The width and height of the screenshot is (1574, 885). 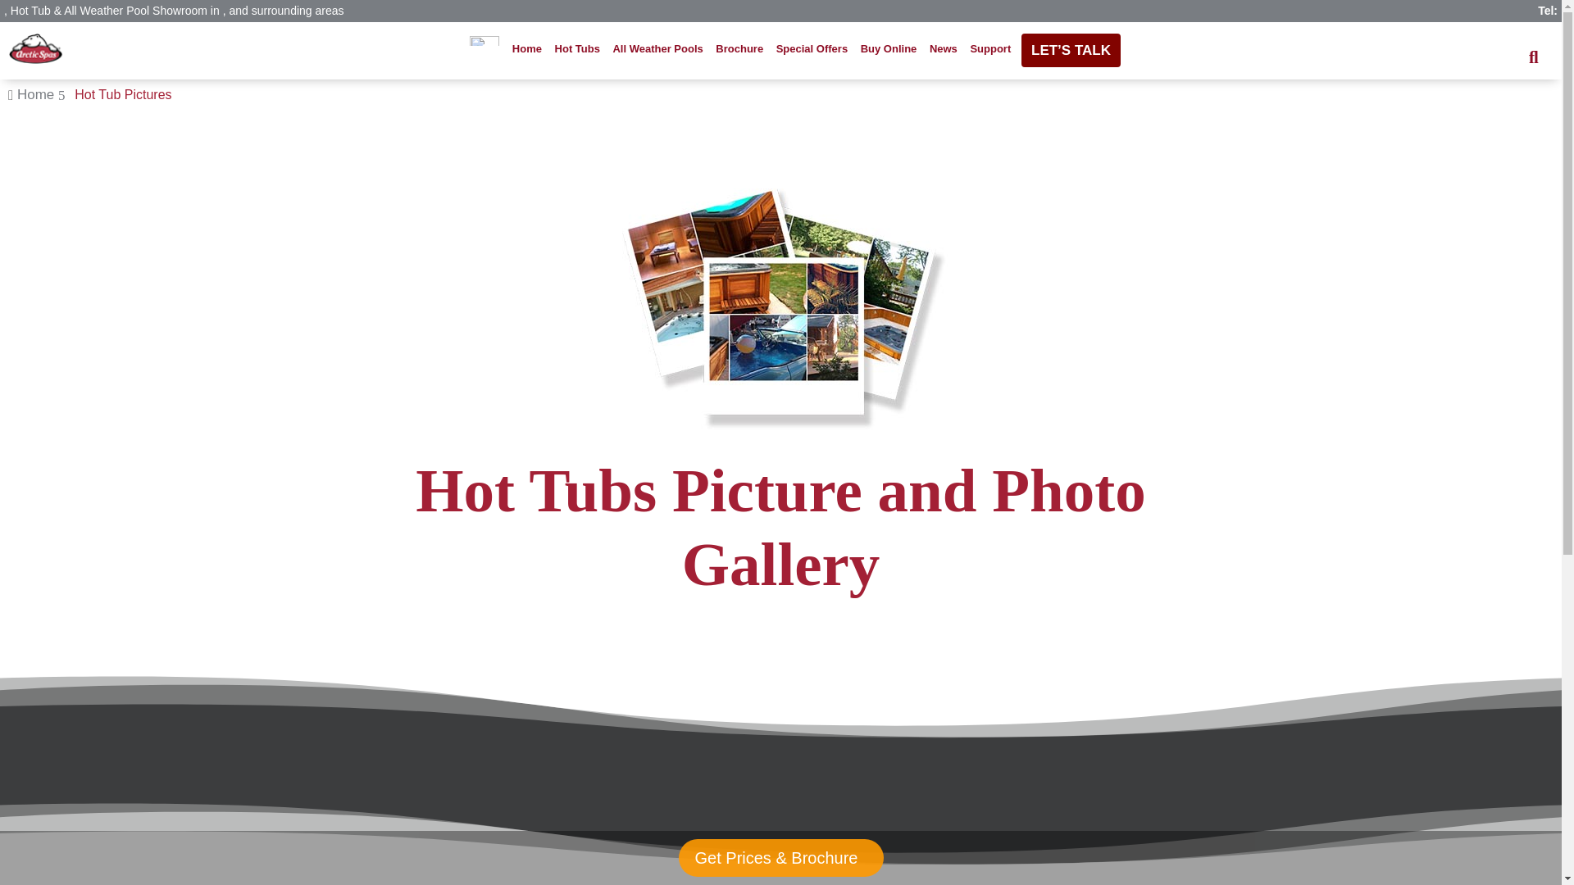 What do you see at coordinates (464, 48) in the screenshot?
I see `'Choose Your Location'` at bounding box center [464, 48].